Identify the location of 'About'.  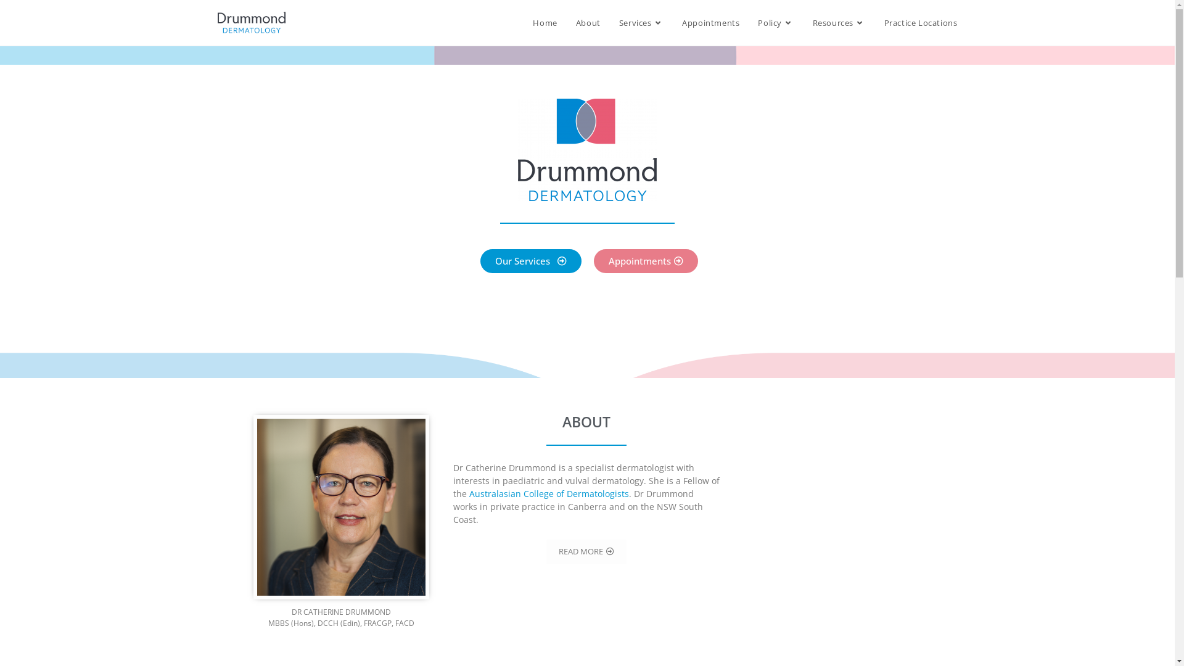
(588, 23).